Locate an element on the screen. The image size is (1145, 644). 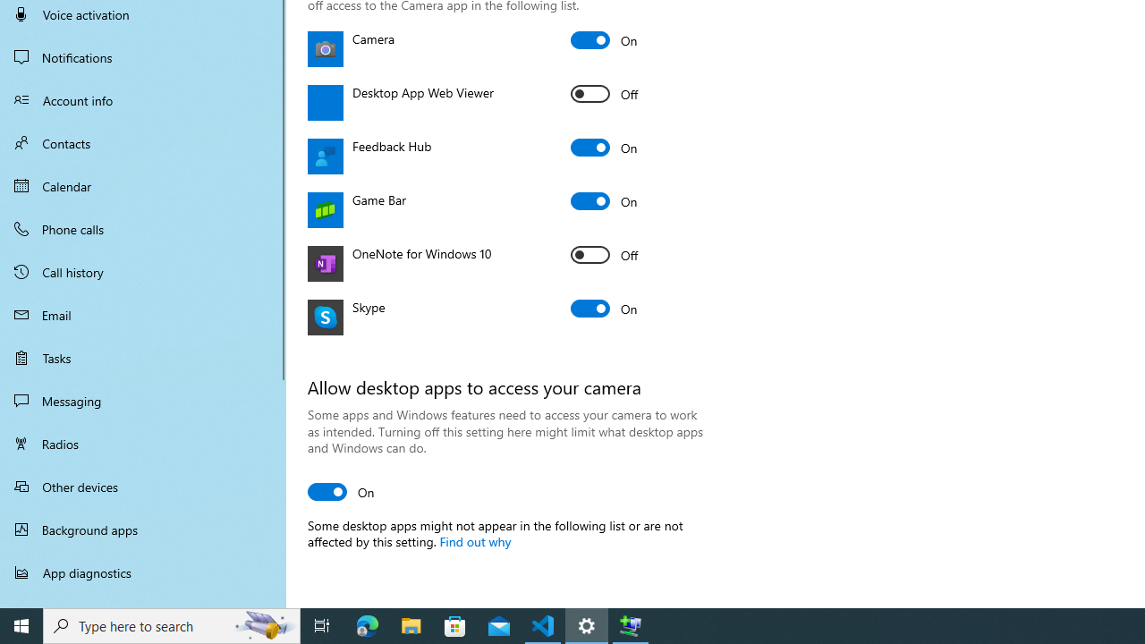
'Call history' is located at coordinates (143, 272).